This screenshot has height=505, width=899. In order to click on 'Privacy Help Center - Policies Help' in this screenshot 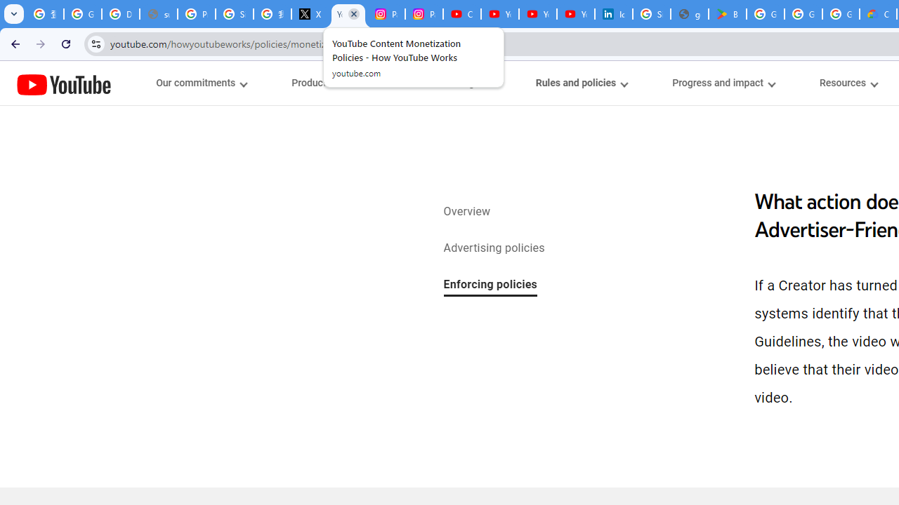, I will do `click(196, 14)`.